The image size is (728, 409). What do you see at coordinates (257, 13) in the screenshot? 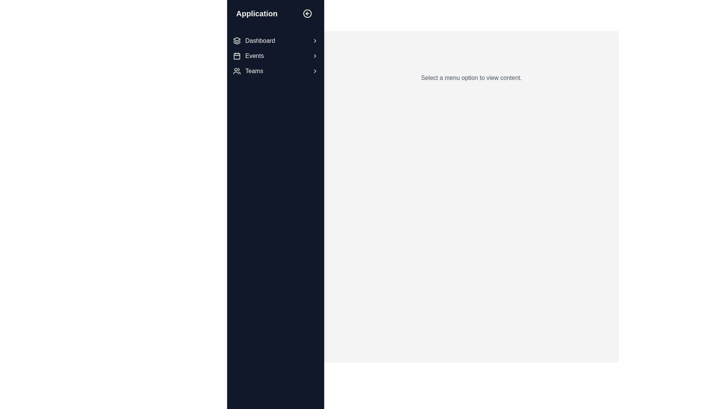
I see `the prominent text label displaying 'Application' in bold, extra-large white font located in the left sidebar near the top of the application interface` at bounding box center [257, 13].